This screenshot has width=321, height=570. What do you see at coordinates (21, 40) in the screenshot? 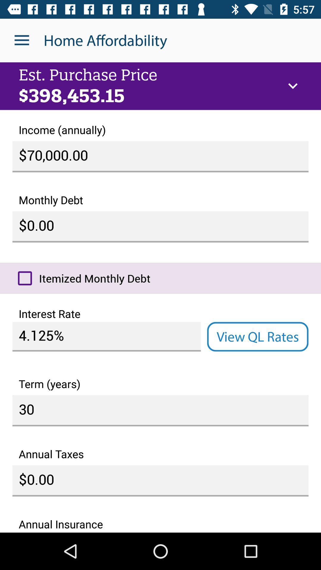
I see `the icon to the left of the home affordability` at bounding box center [21, 40].